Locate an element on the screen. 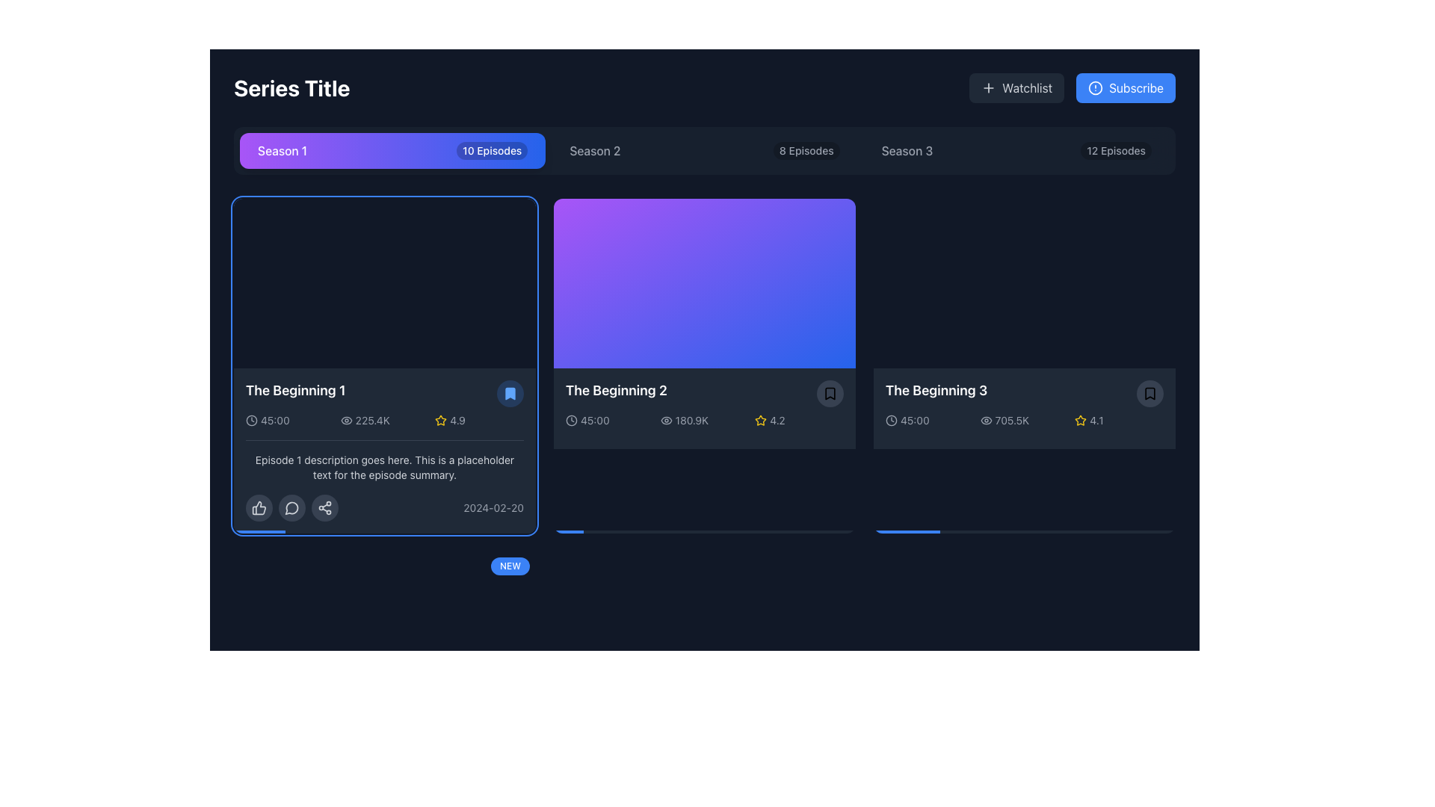 The height and width of the screenshot is (807, 1435). the star-shaped icon representing a rating feature located below the text 'The Beginning 1' within the first card in the user interface is located at coordinates (440, 773).